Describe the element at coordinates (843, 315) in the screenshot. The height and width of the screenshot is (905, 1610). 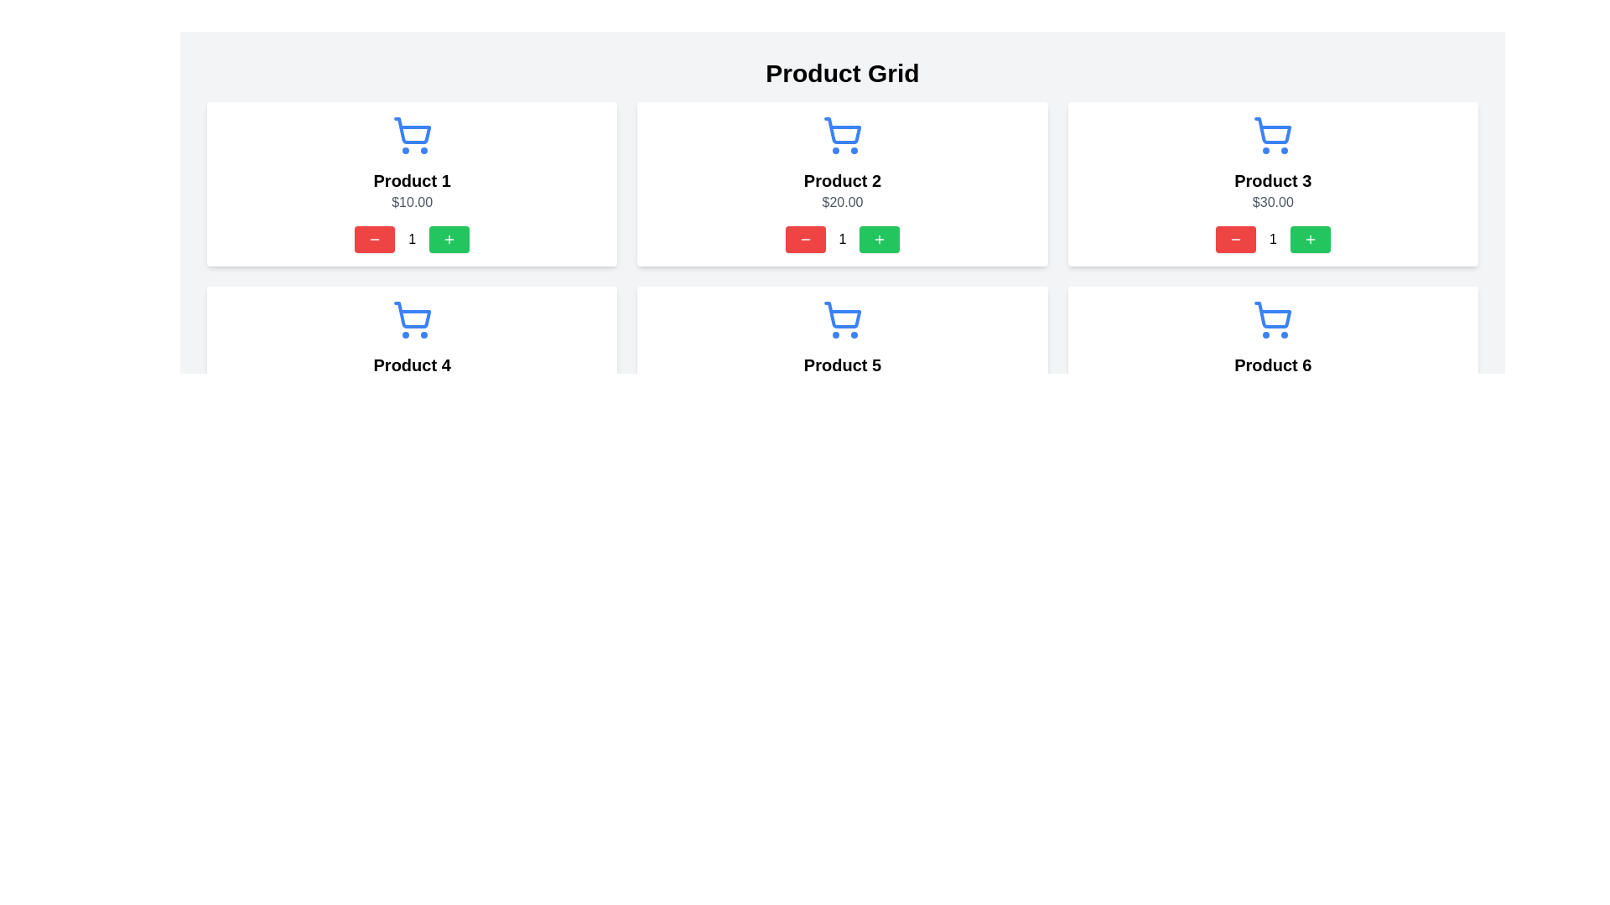
I see `the shopping cart icon located in the second row and third column of the product grid layout, which represents adding an item to the cart or viewing cart-related actions` at that location.